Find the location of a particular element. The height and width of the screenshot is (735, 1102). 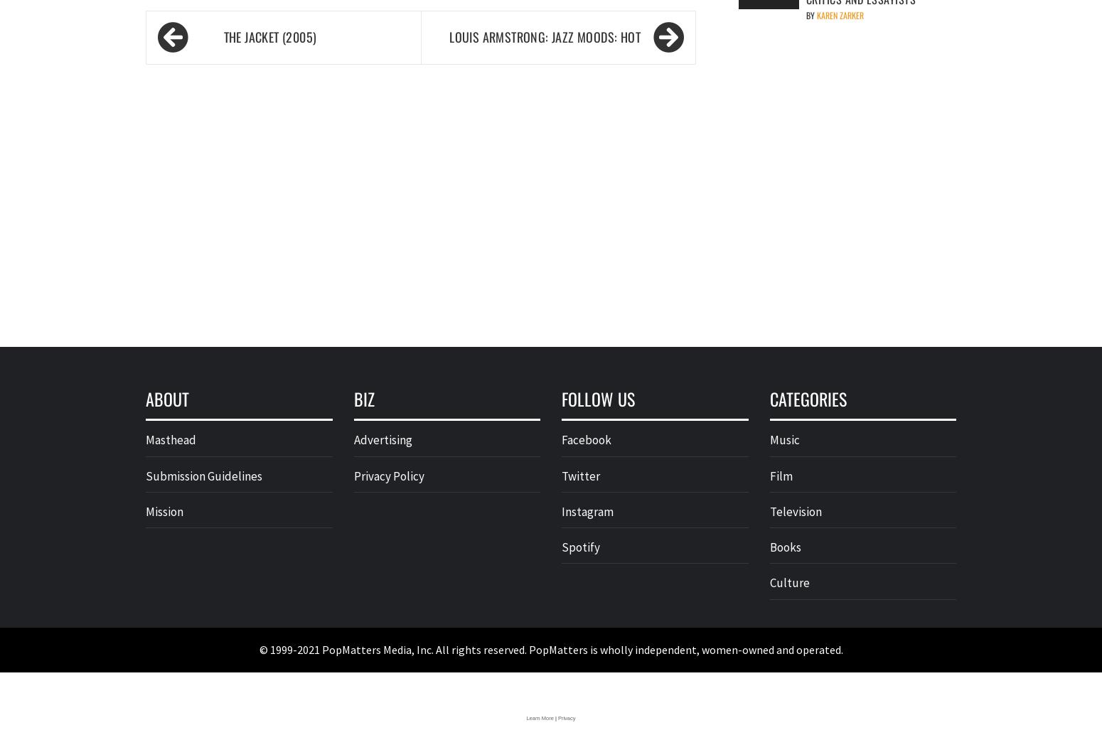

'Books' is located at coordinates (784, 547).